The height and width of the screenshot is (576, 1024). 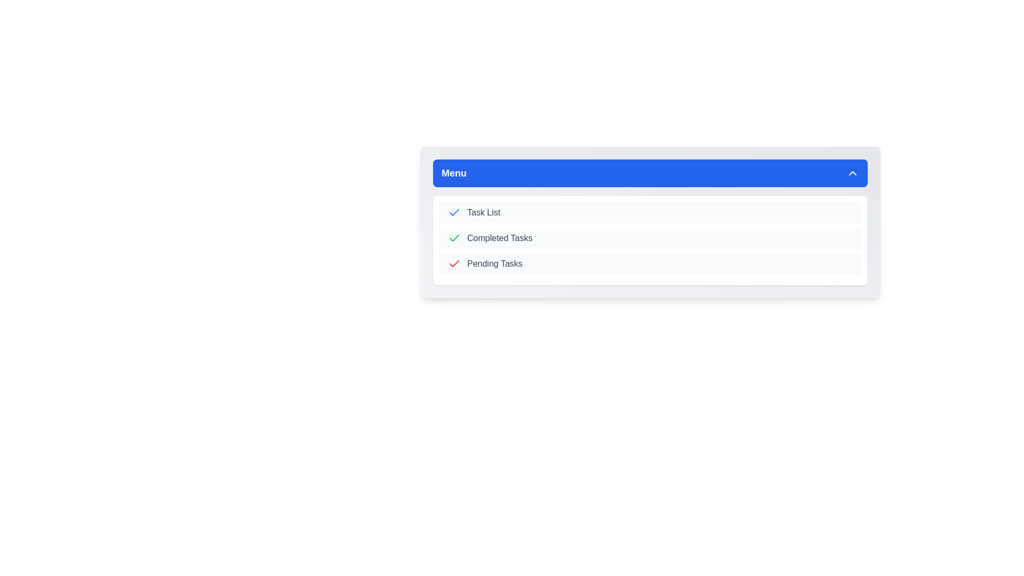 I want to click on the SVG checkmark icon that indicates the completed status of the 'Task List' item, which is visually represented as a green checkmark adjacent to the text labeled 'Task List.', so click(x=454, y=237).